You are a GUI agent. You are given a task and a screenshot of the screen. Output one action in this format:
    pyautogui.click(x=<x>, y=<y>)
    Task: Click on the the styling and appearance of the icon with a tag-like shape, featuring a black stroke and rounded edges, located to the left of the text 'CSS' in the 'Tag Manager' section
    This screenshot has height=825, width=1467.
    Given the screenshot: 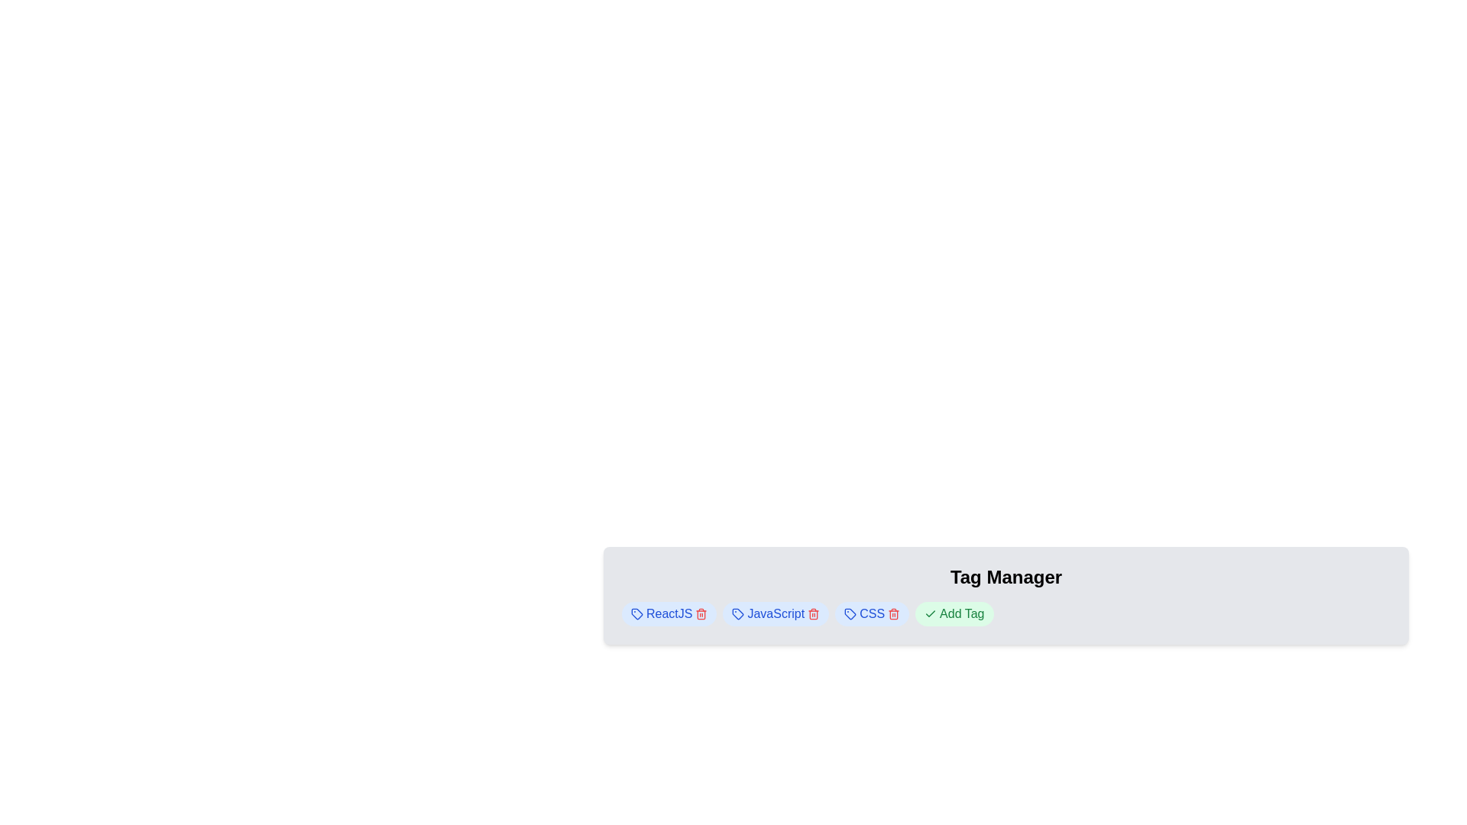 What is the action you would take?
    pyautogui.click(x=850, y=613)
    